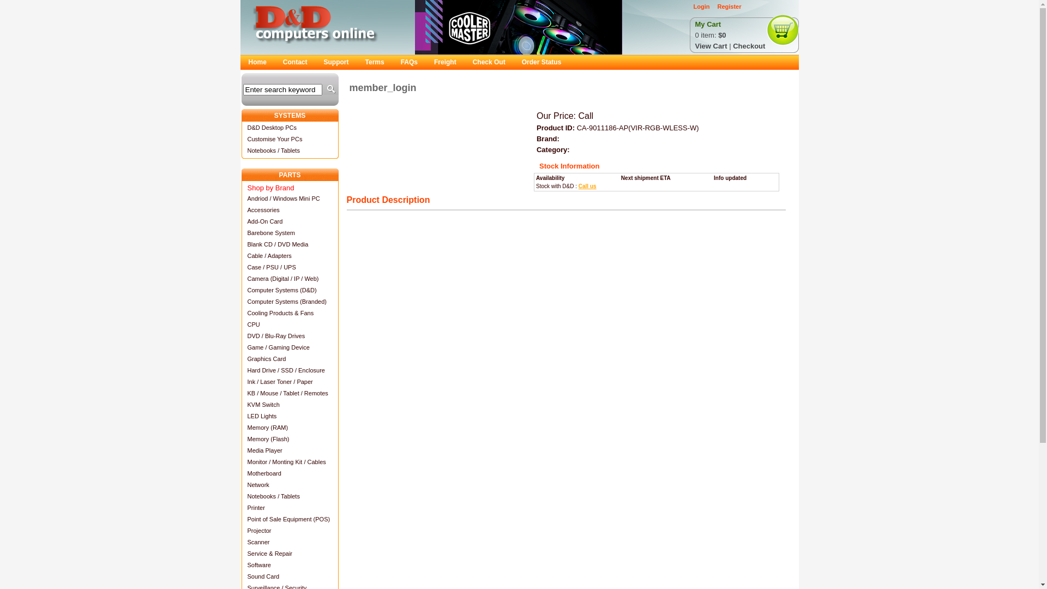 This screenshot has width=1047, height=589. What do you see at coordinates (541, 62) in the screenshot?
I see `'Order Status'` at bounding box center [541, 62].